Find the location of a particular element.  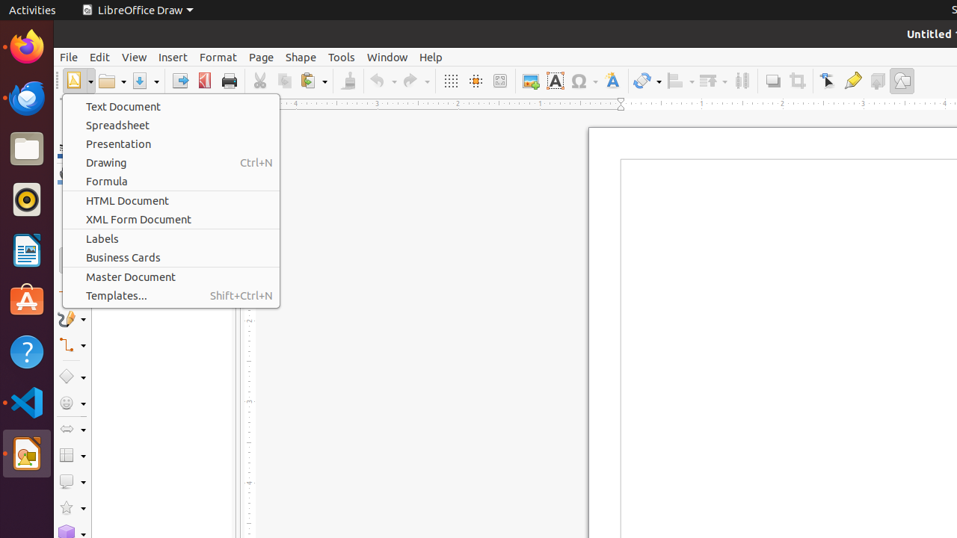

'Ubuntu Software' is located at coordinates (26, 301).